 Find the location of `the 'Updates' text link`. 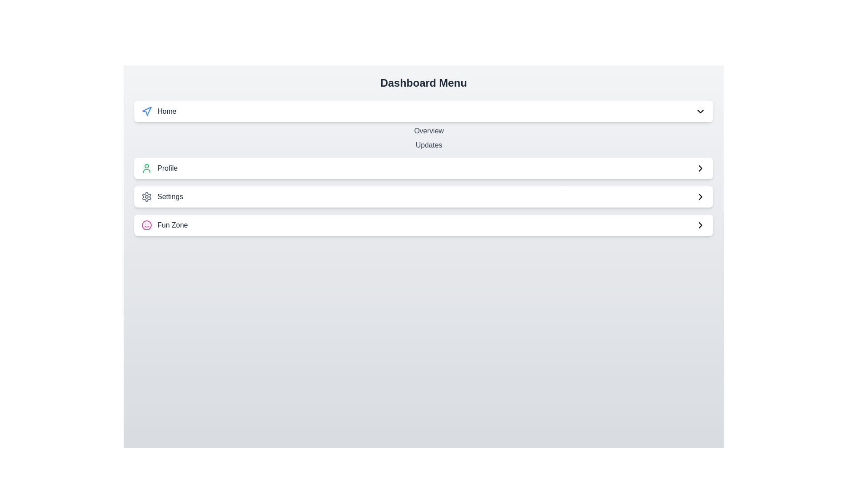

the 'Updates' text link is located at coordinates (429, 138).